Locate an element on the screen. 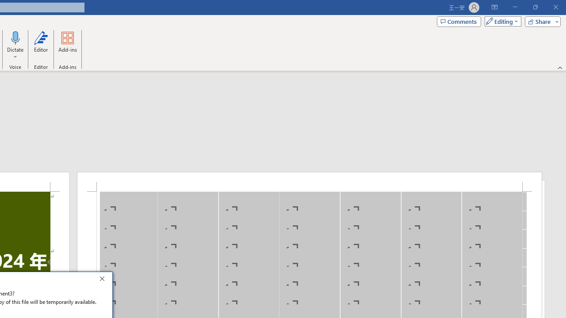 The height and width of the screenshot is (318, 566). 'Ribbon Display Options' is located at coordinates (494, 7).